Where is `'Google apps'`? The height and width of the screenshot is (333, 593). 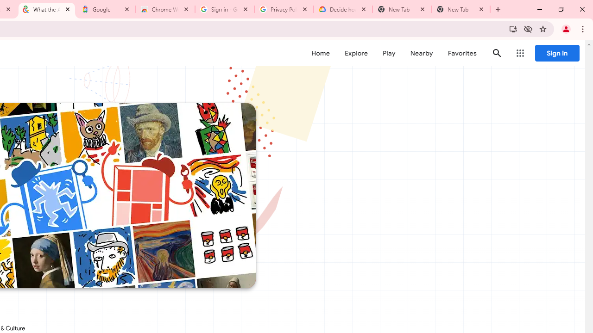 'Google apps' is located at coordinates (520, 53).